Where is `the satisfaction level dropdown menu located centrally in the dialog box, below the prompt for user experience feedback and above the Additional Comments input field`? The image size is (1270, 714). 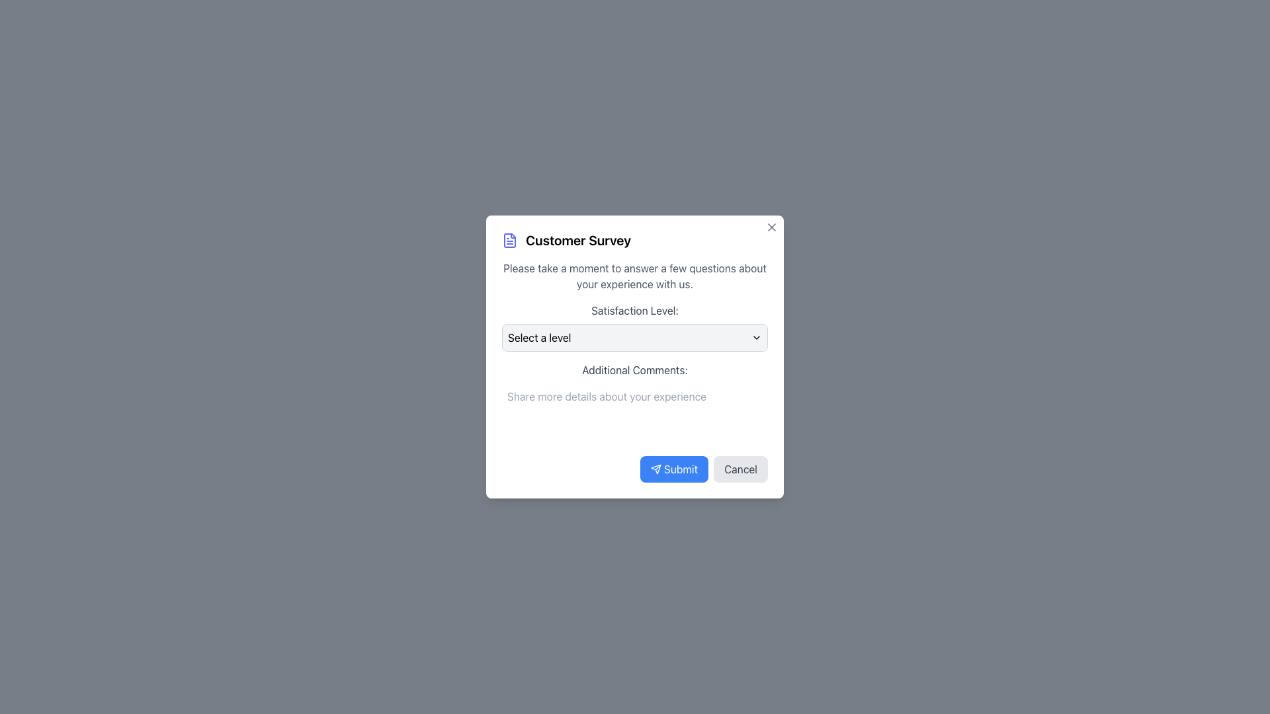
the satisfaction level dropdown menu located centrally in the dialog box, below the prompt for user experience feedback and above the Additional Comments input field is located at coordinates (635, 327).